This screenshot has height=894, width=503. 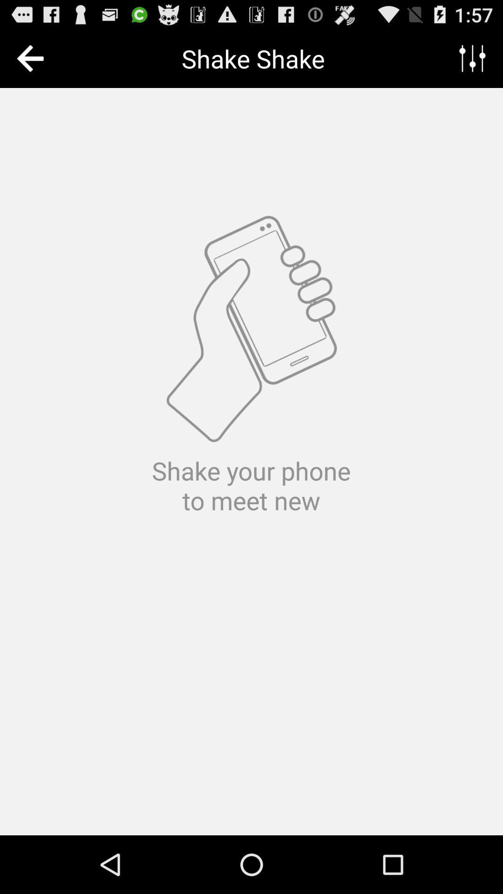 I want to click on the arrow_backward icon, so click(x=32, y=62).